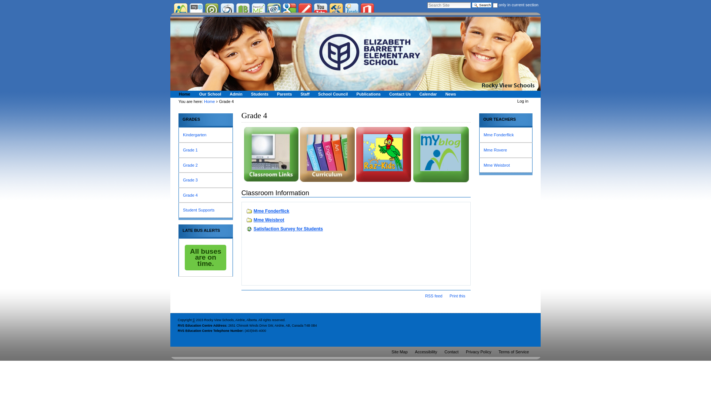 The height and width of the screenshot is (400, 711). I want to click on 'Terms of Service', so click(513, 351).